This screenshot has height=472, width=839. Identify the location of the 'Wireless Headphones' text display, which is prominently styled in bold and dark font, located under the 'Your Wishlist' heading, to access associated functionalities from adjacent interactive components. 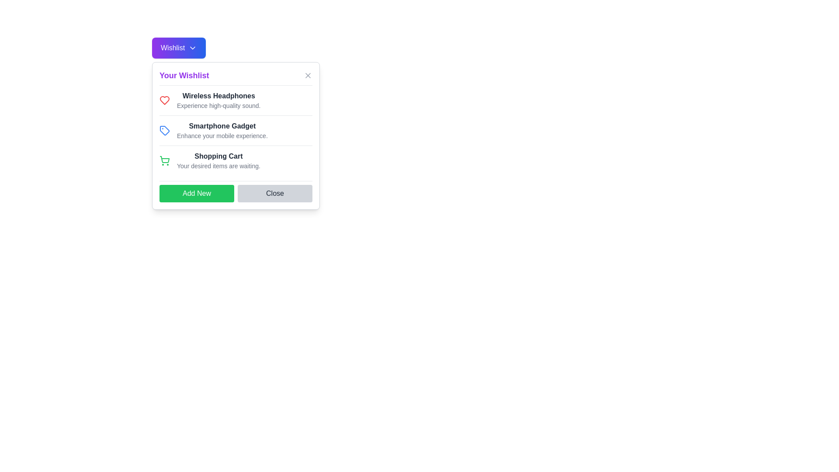
(218, 100).